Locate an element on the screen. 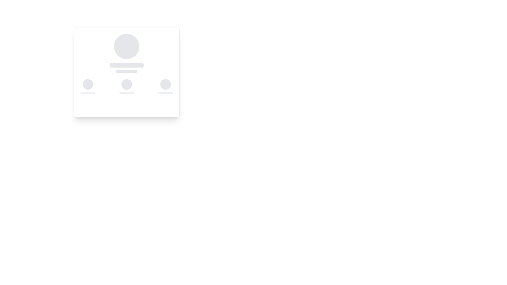 The width and height of the screenshot is (507, 285). the circular placeholder for the profile avatar located at the leftmost position of the triplet component group is located at coordinates (88, 86).